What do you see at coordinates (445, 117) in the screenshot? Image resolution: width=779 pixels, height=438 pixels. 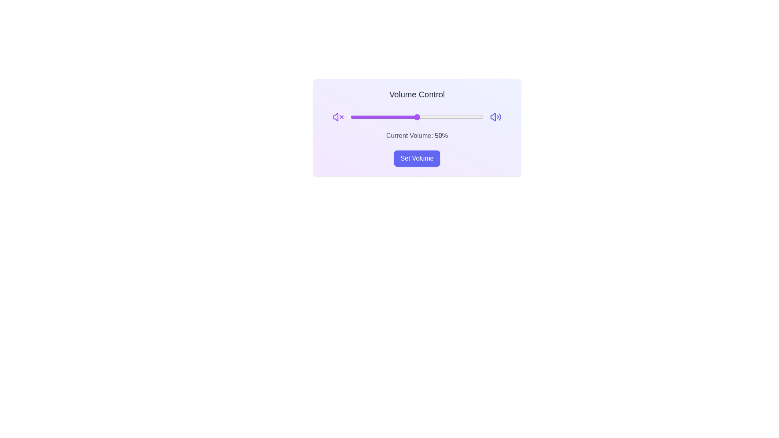 I see `the volume slider to set the volume to 72%` at bounding box center [445, 117].